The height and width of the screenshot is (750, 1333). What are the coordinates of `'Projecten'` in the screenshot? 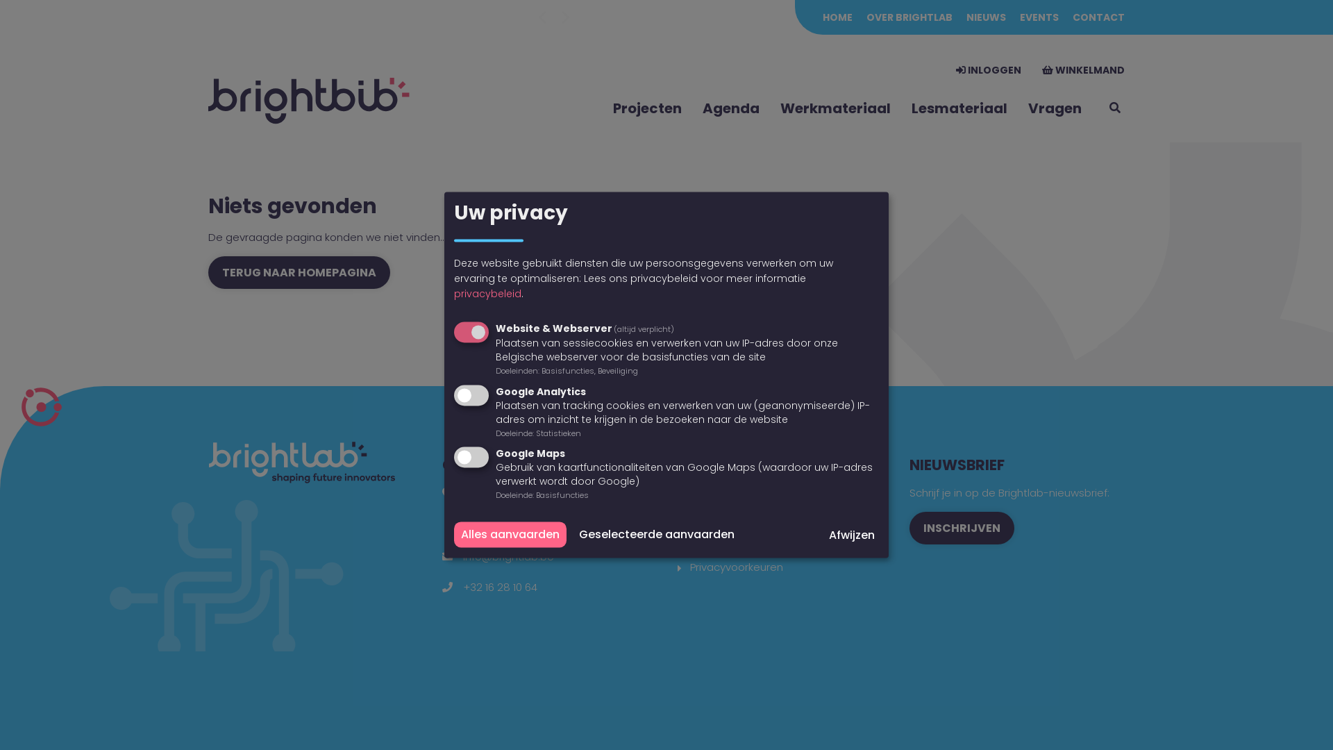 It's located at (646, 107).